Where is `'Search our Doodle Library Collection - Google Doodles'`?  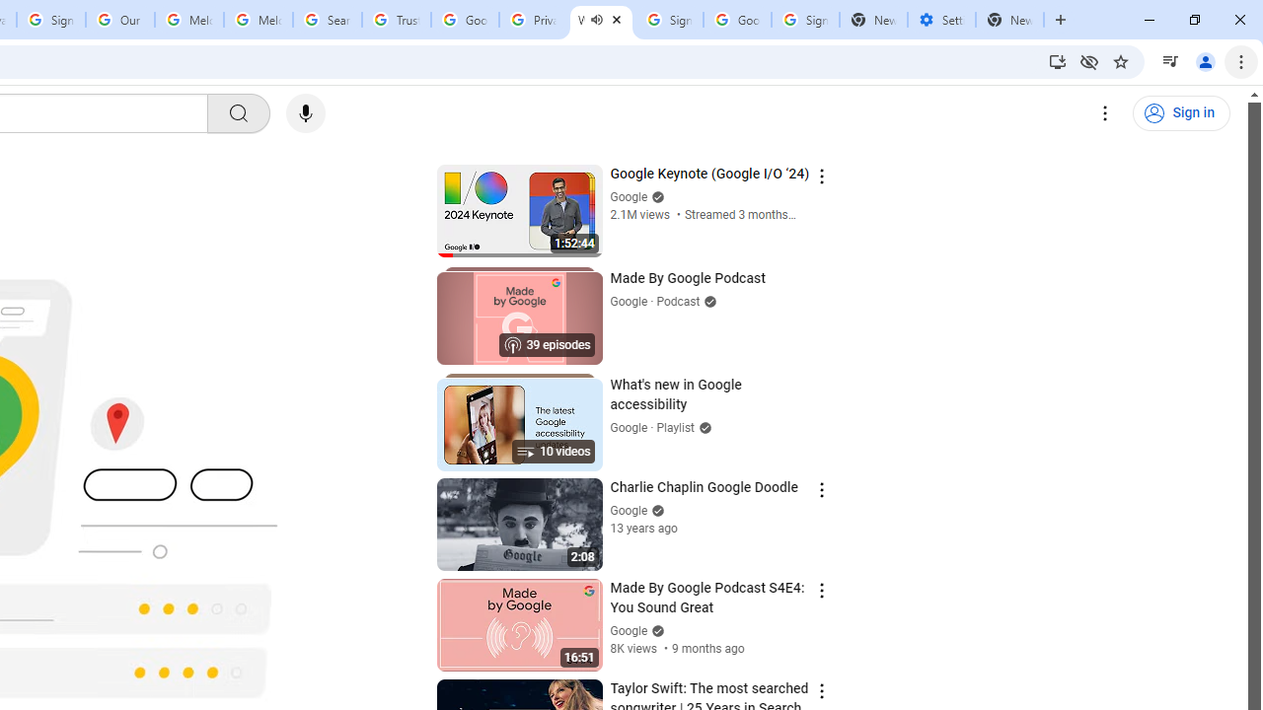
'Search our Doodle Library Collection - Google Doodles' is located at coordinates (328, 20).